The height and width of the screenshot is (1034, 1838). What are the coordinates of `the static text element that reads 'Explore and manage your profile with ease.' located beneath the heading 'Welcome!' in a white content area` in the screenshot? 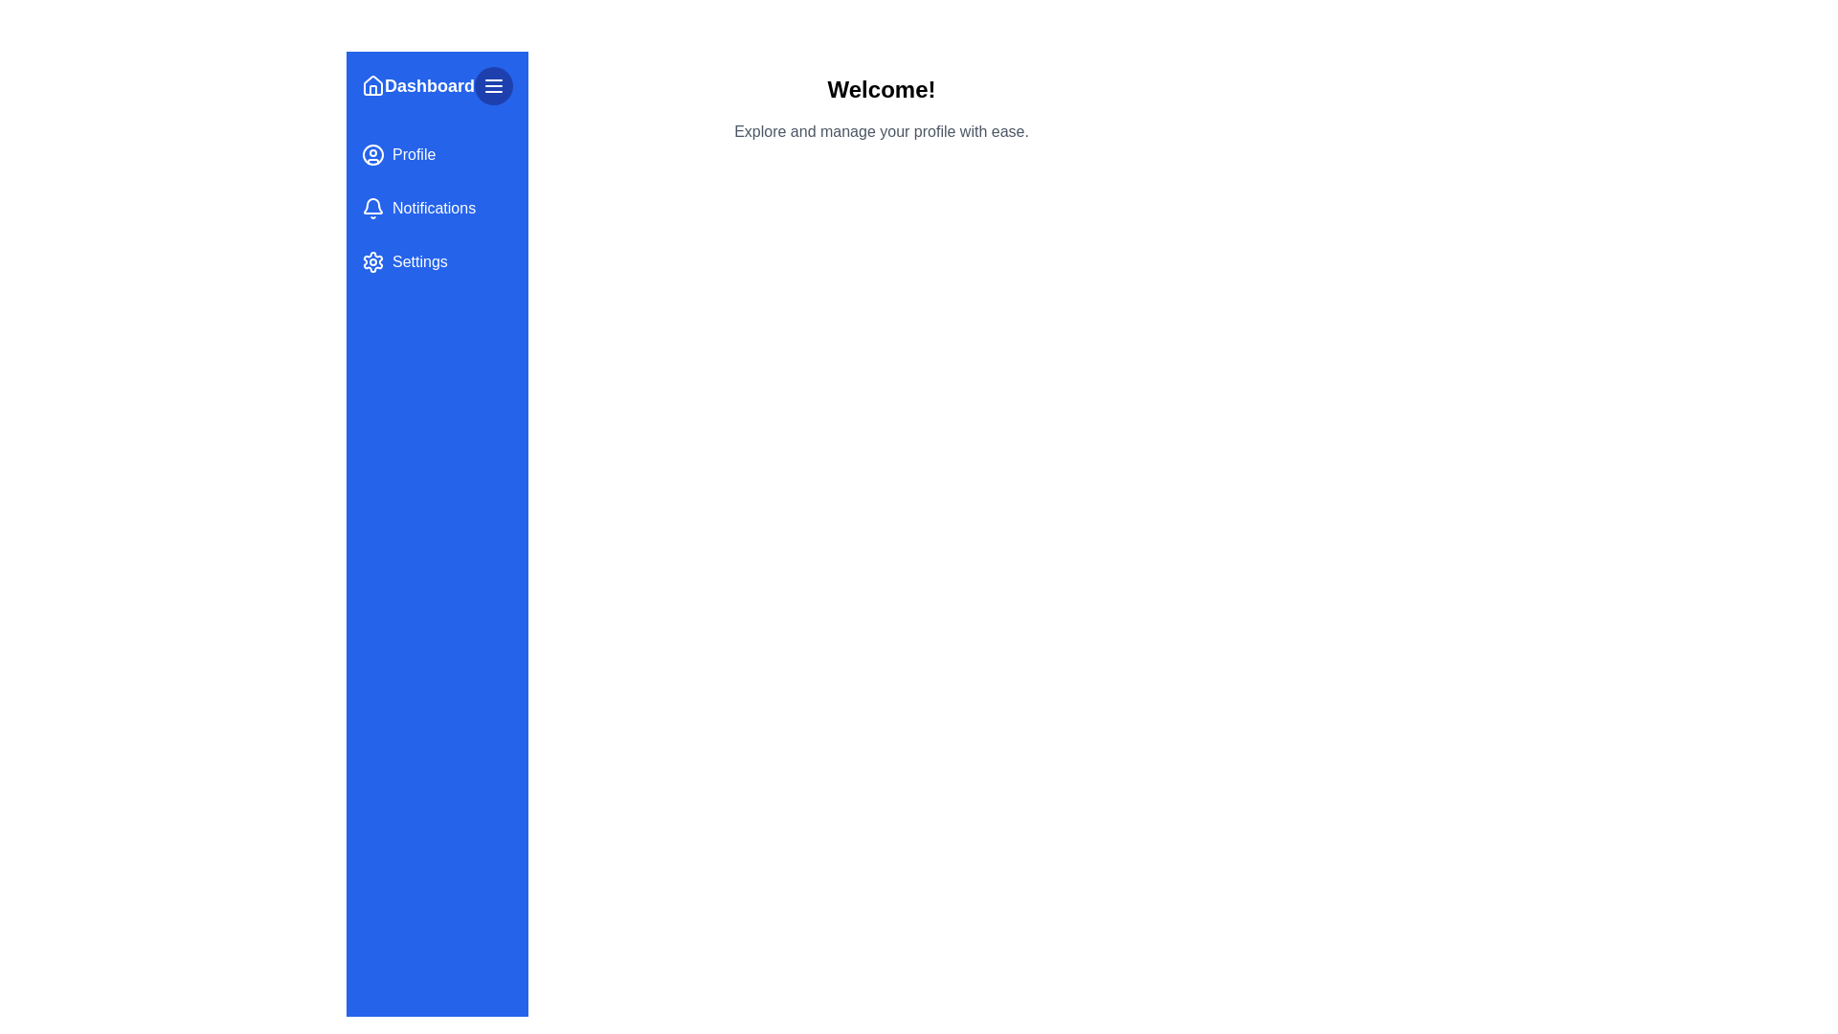 It's located at (881, 131).